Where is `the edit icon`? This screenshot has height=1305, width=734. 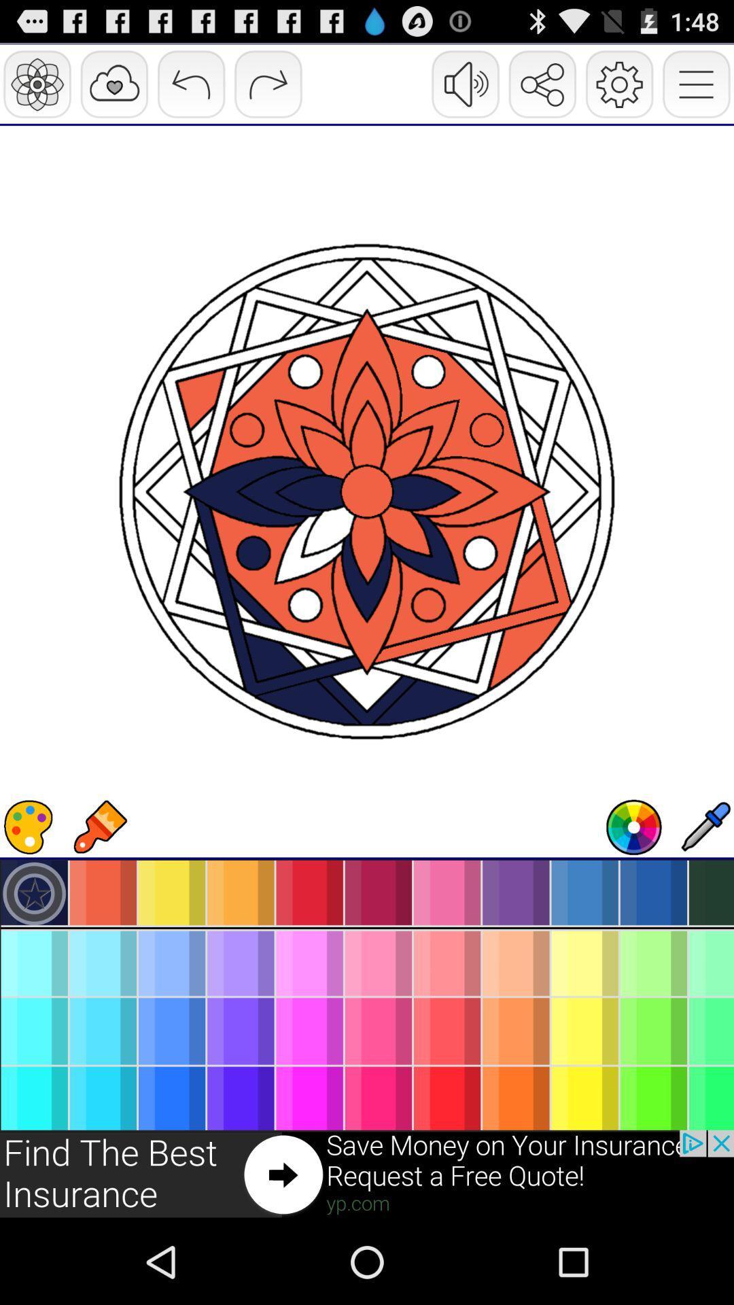 the edit icon is located at coordinates (704, 885).